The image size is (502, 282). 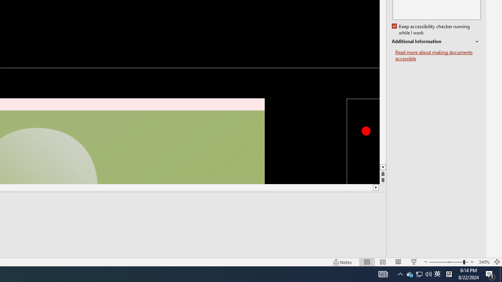 What do you see at coordinates (343, 262) in the screenshot?
I see `'Notes '` at bounding box center [343, 262].